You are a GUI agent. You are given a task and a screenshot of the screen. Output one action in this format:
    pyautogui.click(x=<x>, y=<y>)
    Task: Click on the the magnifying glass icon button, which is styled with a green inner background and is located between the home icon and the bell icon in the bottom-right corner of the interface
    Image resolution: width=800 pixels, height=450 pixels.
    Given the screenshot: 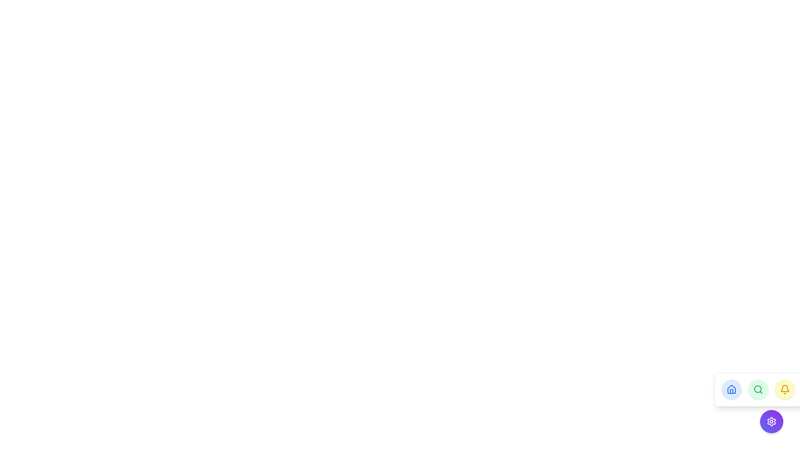 What is the action you would take?
    pyautogui.click(x=758, y=389)
    